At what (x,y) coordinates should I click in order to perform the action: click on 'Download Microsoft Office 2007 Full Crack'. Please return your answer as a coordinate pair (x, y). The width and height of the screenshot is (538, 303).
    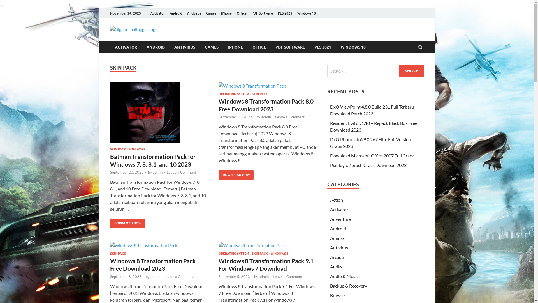
    Looking at the image, I should click on (372, 155).